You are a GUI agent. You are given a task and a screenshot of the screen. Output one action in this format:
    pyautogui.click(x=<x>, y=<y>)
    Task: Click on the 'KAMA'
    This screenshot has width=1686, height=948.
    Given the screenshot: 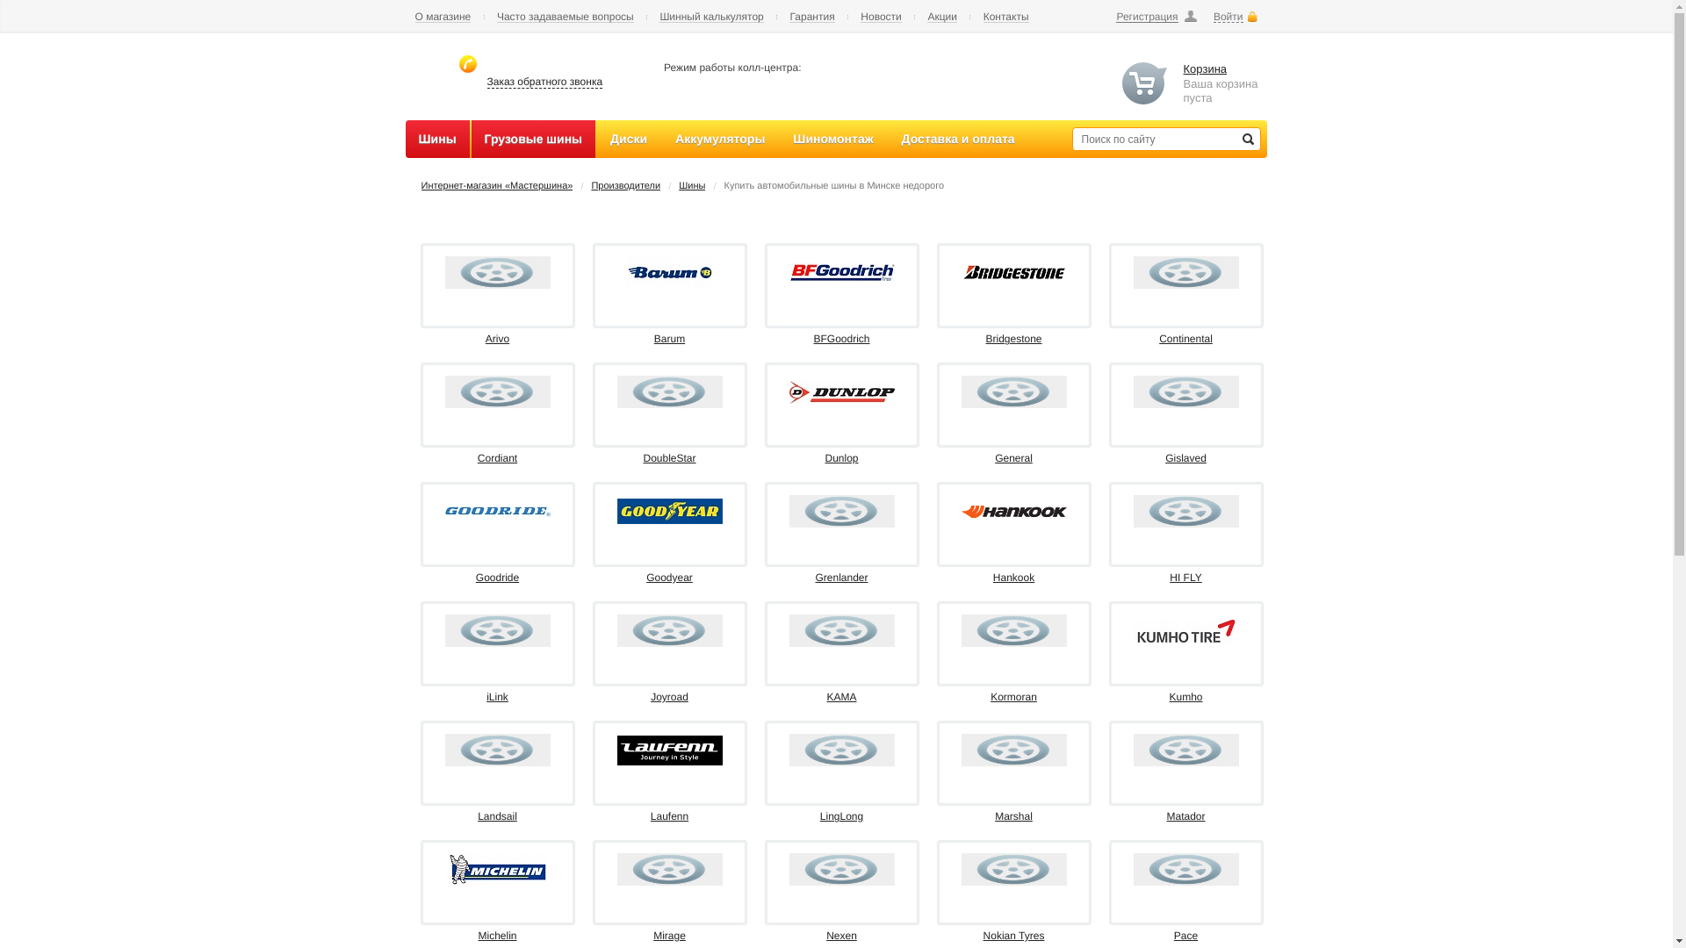 What is the action you would take?
    pyautogui.click(x=840, y=629)
    